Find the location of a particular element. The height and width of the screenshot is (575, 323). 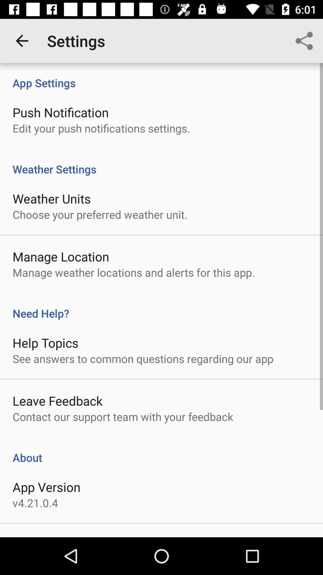

the contact our support item is located at coordinates (123, 416).